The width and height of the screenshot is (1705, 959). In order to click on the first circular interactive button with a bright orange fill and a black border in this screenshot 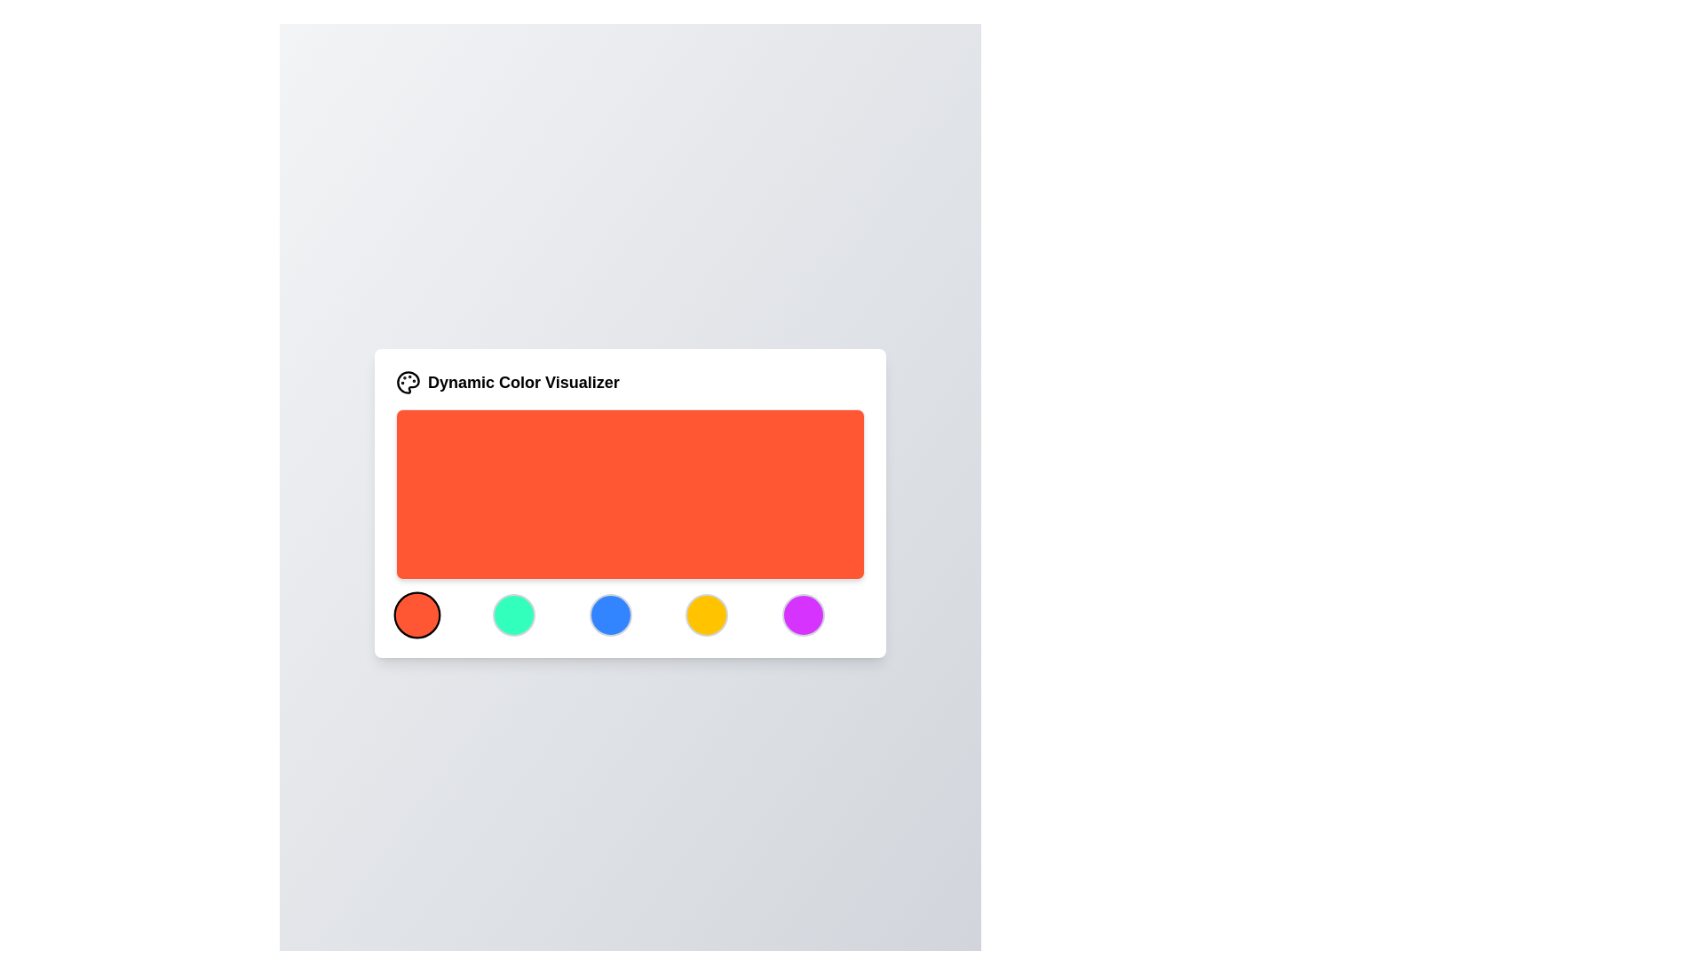, I will do `click(416, 614)`.